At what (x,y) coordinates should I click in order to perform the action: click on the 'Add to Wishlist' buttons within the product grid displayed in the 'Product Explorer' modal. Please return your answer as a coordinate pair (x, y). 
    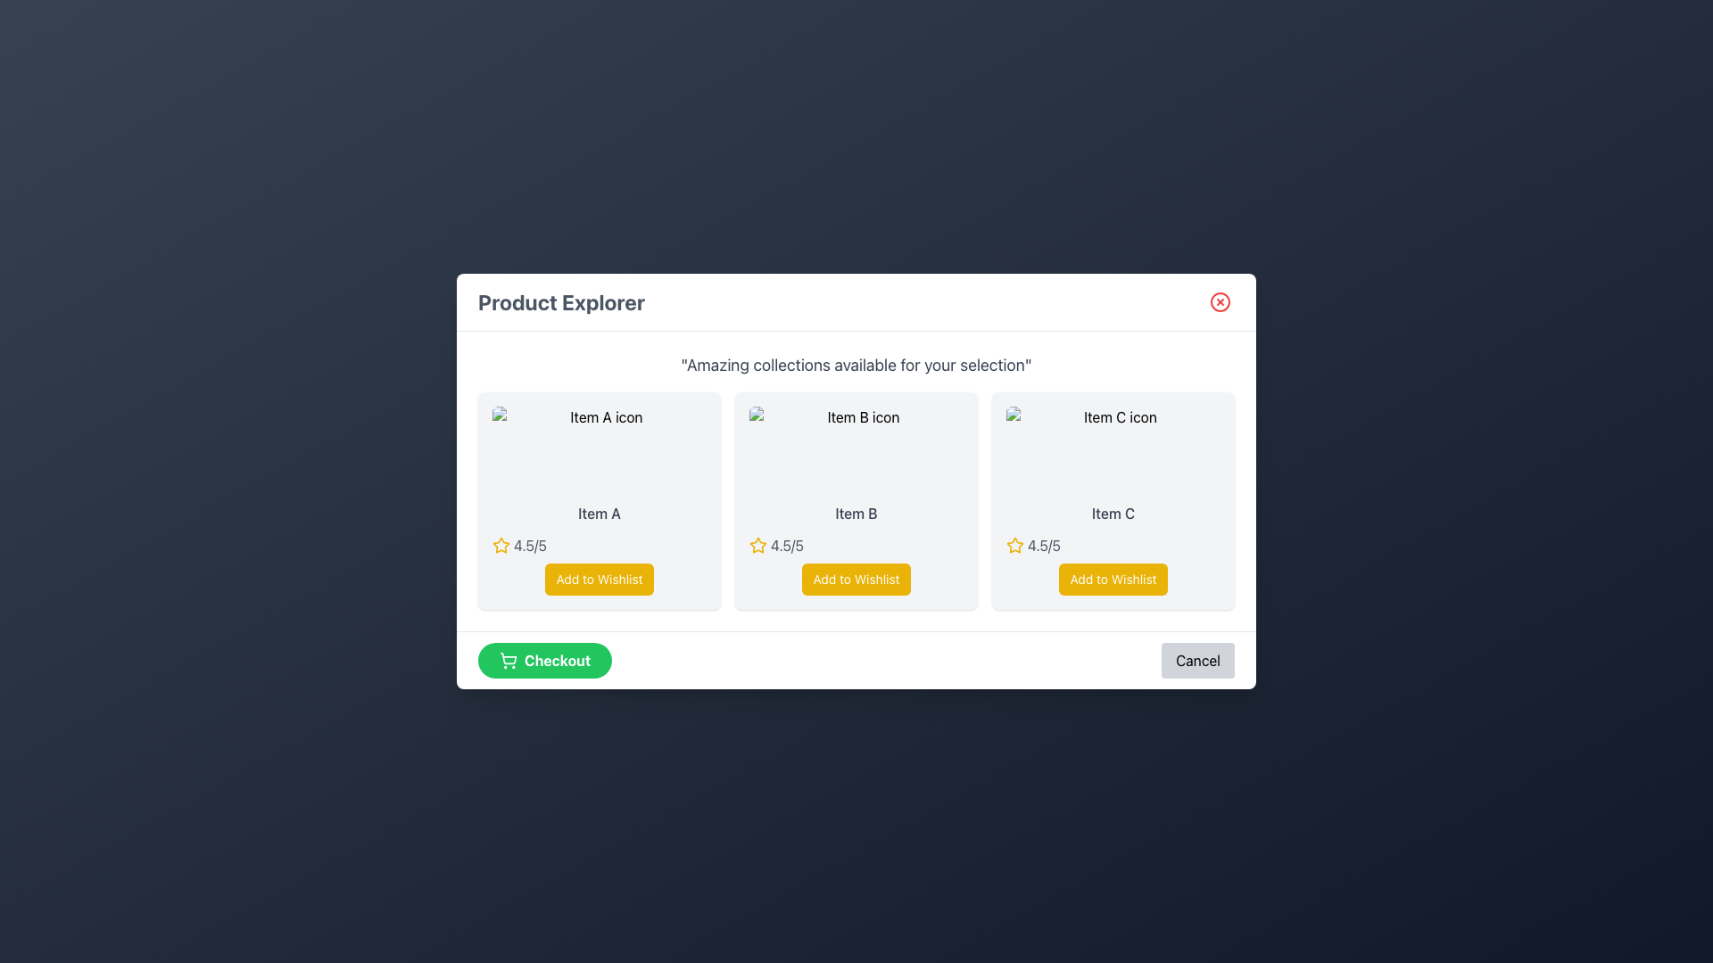
    Looking at the image, I should click on (856, 481).